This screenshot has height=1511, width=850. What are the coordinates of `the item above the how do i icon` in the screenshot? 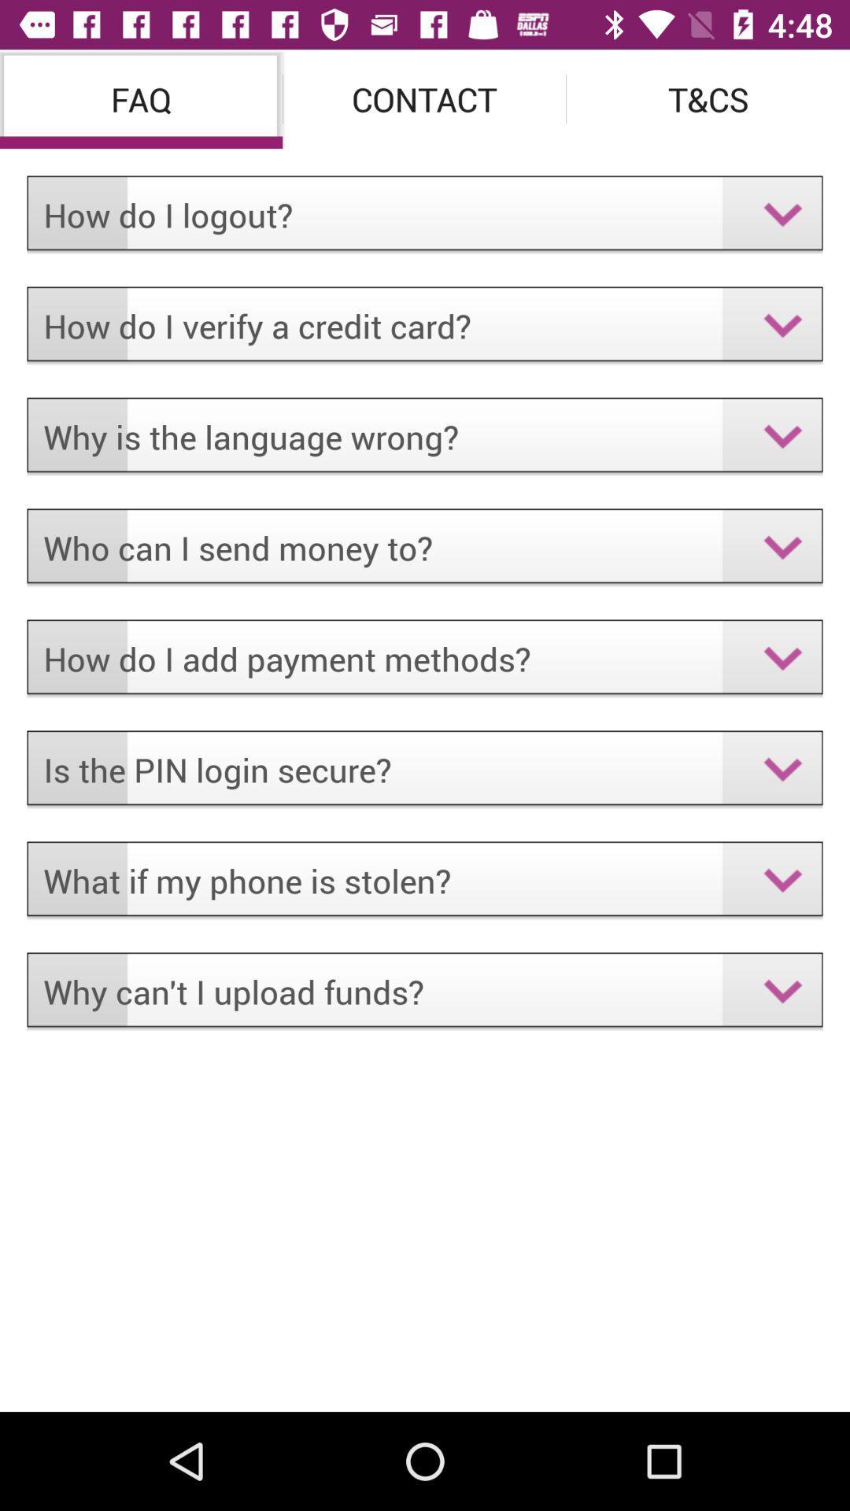 It's located at (140, 98).